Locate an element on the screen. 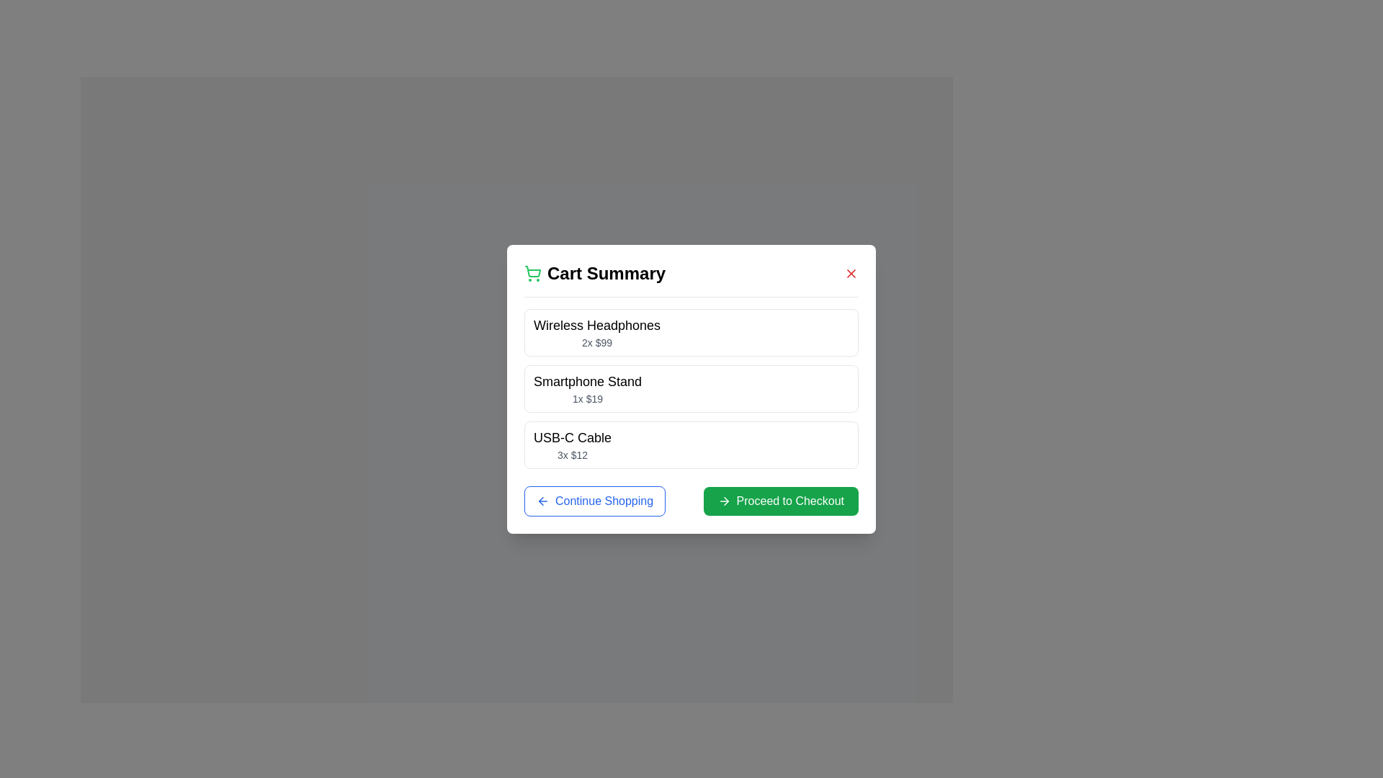 The width and height of the screenshot is (1383, 778). the 'Wireless Headphones' text display in the 'Cart Summary' section, which shows the product's name, quantity, and price is located at coordinates (597, 332).